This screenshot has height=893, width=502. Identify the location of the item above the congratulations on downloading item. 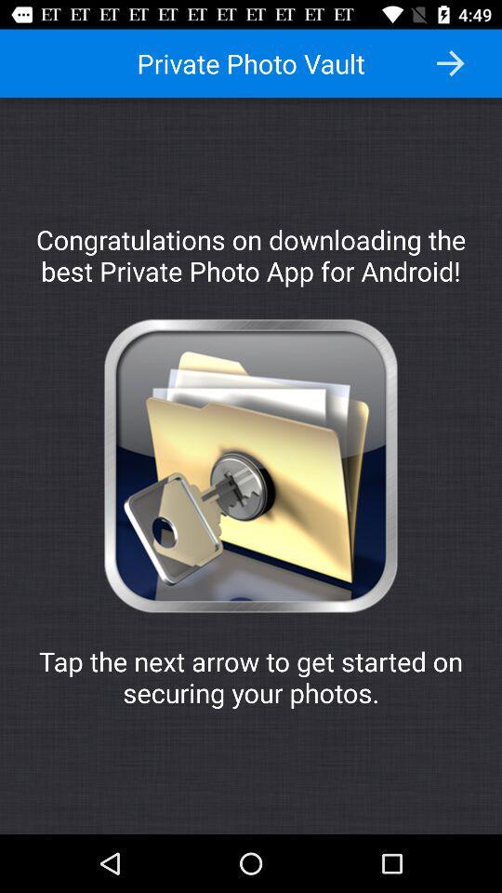
(449, 63).